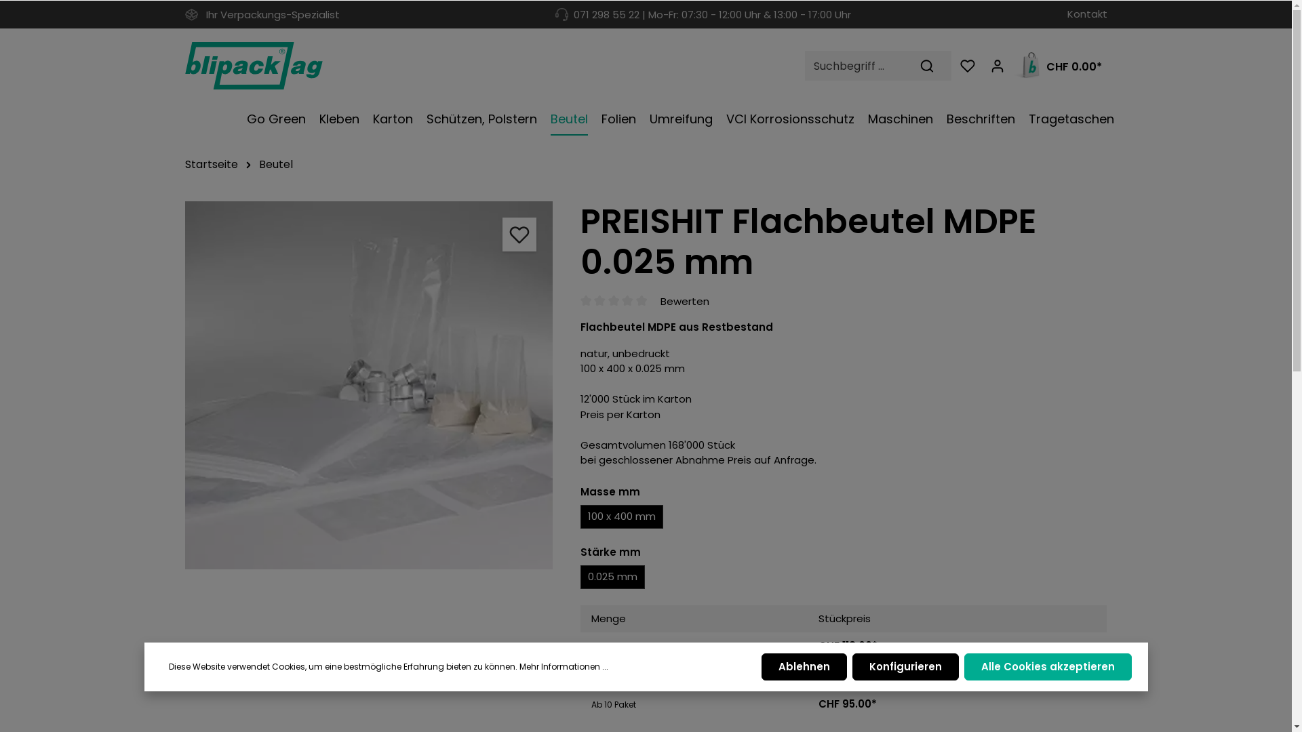  Describe the element at coordinates (789, 119) in the screenshot. I see `'VCI Korrosionsschutz'` at that location.